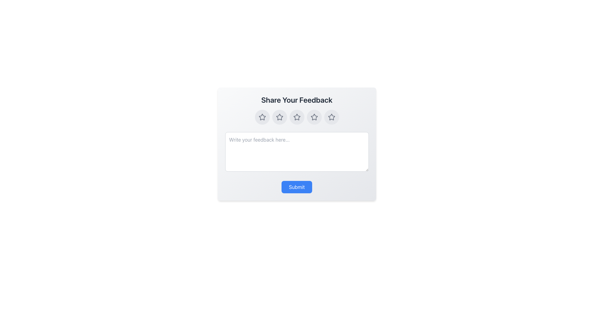 The width and height of the screenshot is (594, 334). Describe the element at coordinates (279, 117) in the screenshot. I see `the second star button` at that location.